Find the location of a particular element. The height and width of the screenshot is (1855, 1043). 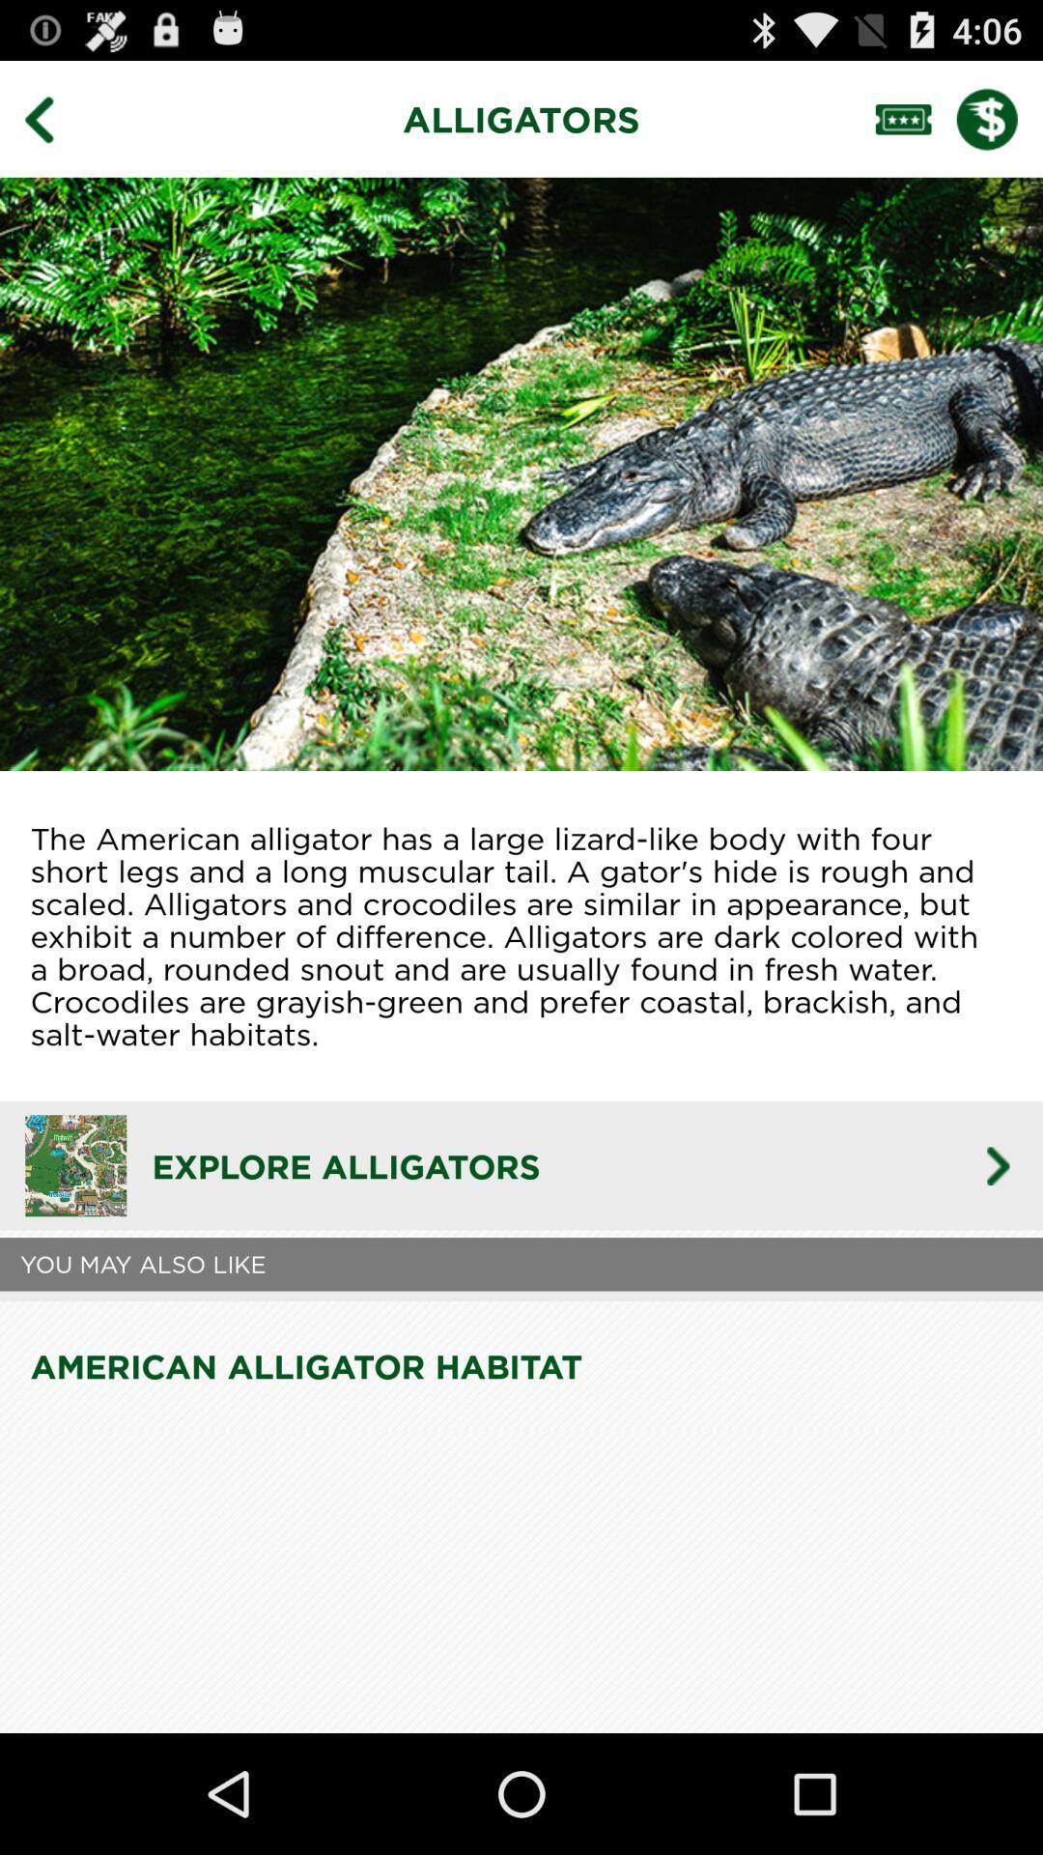

the arrow_backward icon is located at coordinates (52, 127).